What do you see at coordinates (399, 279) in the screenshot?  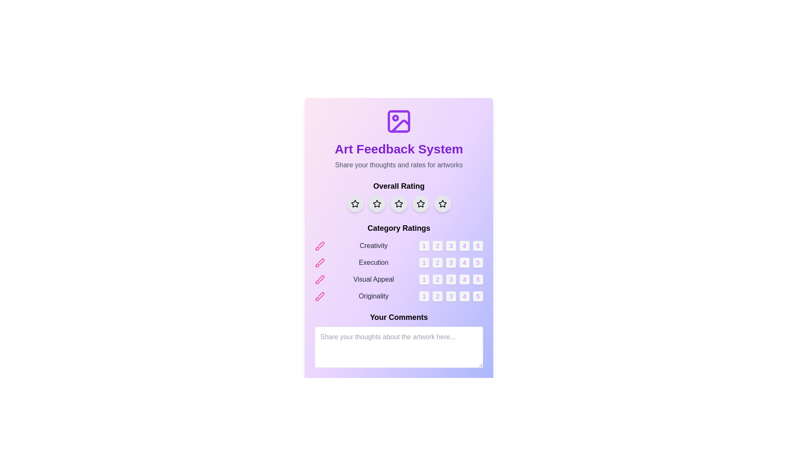 I see `the number 1 in the Rating Selector located in the 'Category Ratings' section, specifically the third item after 'Creativity' and 'Execution', to rate with the lowest score` at bounding box center [399, 279].